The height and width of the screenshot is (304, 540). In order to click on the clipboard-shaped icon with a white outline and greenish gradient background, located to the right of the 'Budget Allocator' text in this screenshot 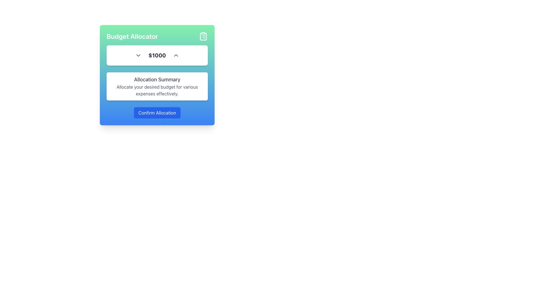, I will do `click(203, 36)`.